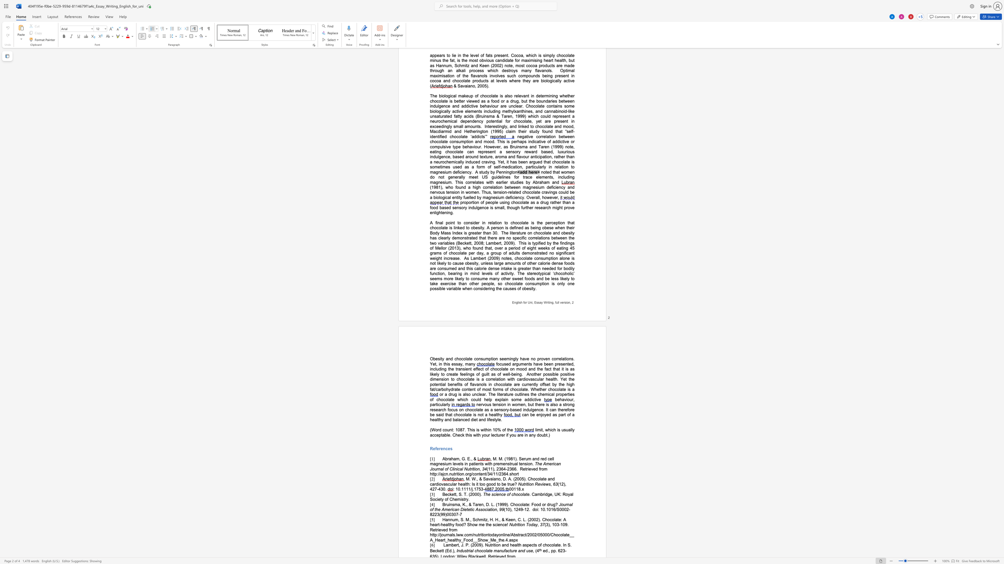 This screenshot has height=564, width=1004. Describe the element at coordinates (517, 524) in the screenshot. I see `the space between the continuous character "r" and "i" in the text` at that location.